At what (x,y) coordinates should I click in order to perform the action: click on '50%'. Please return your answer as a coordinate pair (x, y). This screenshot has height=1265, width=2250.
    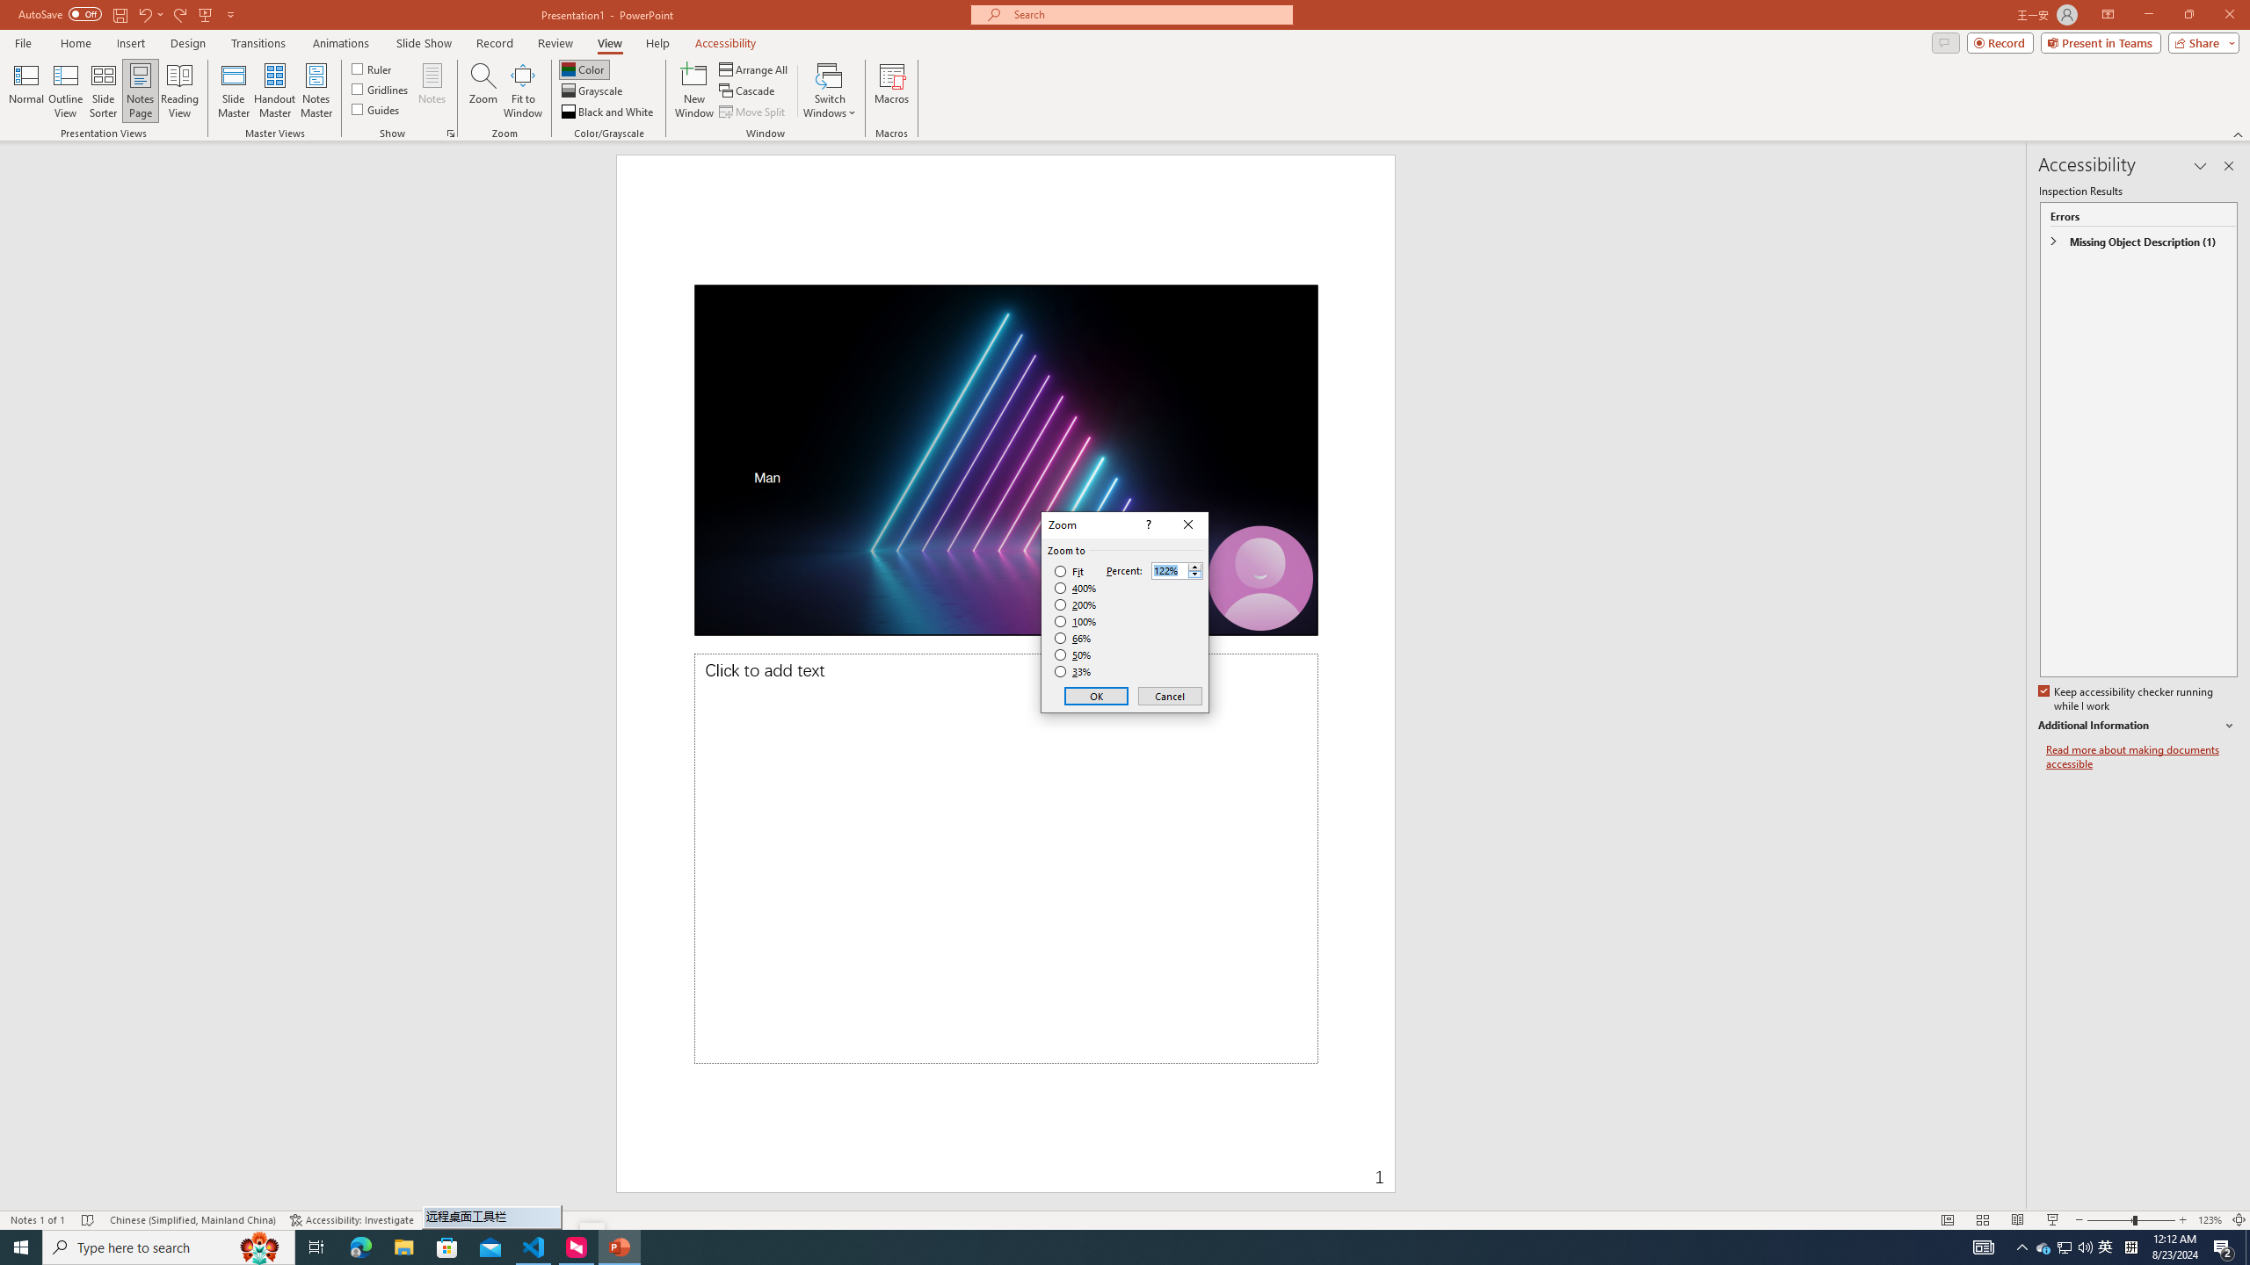
    Looking at the image, I should click on (1074, 654).